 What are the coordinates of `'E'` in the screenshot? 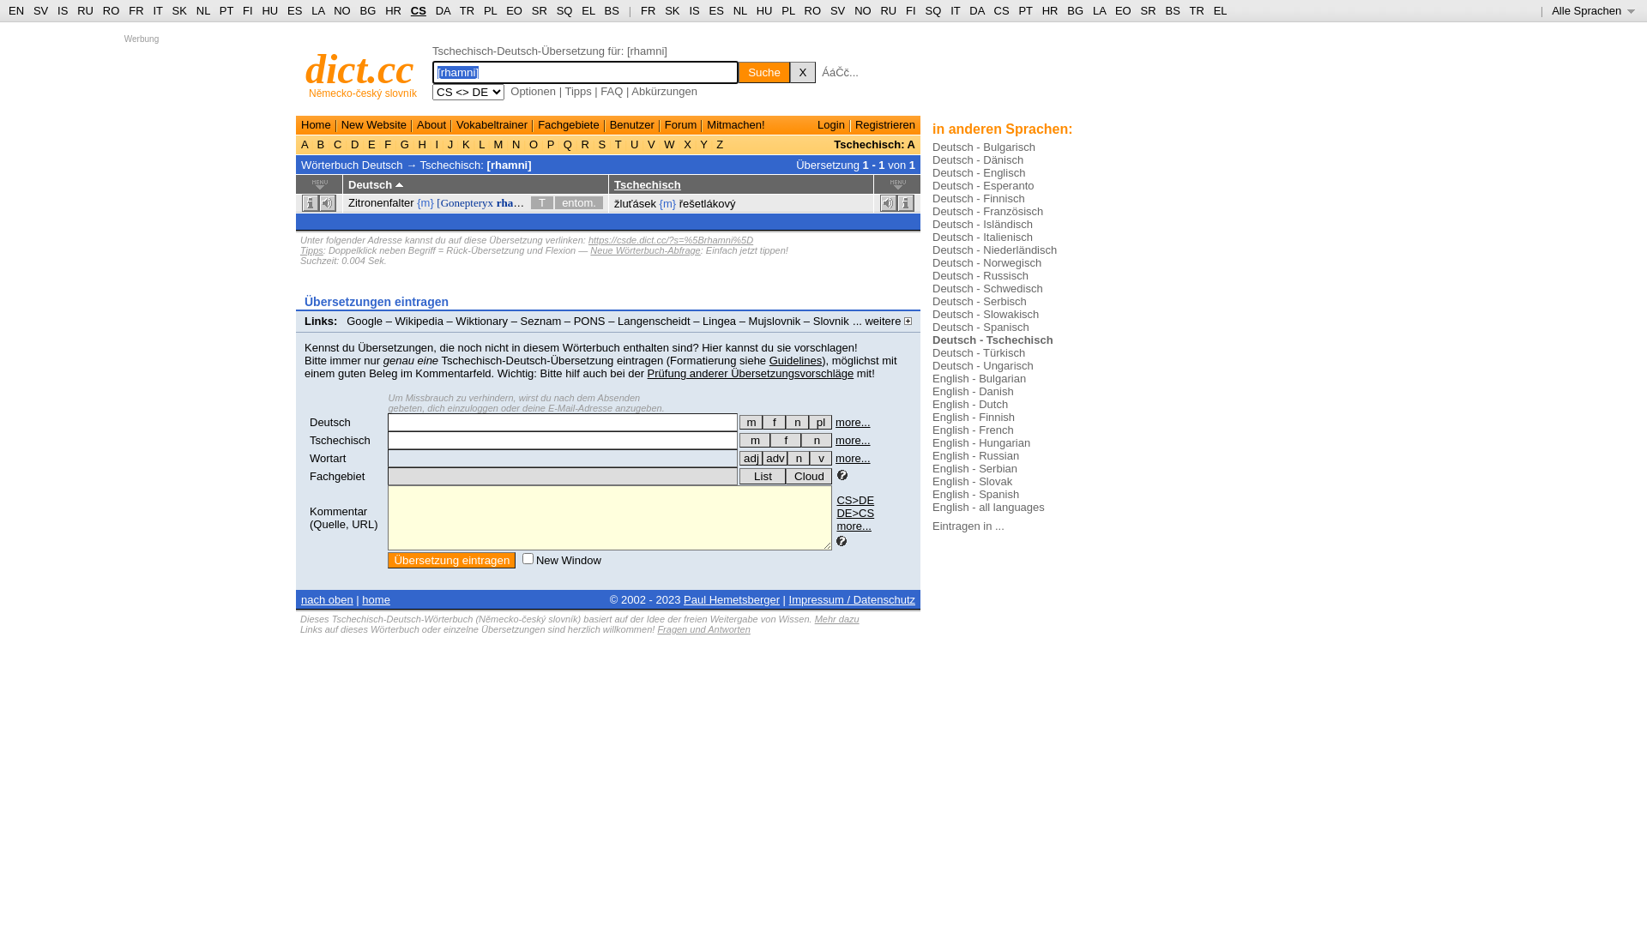 It's located at (370, 143).